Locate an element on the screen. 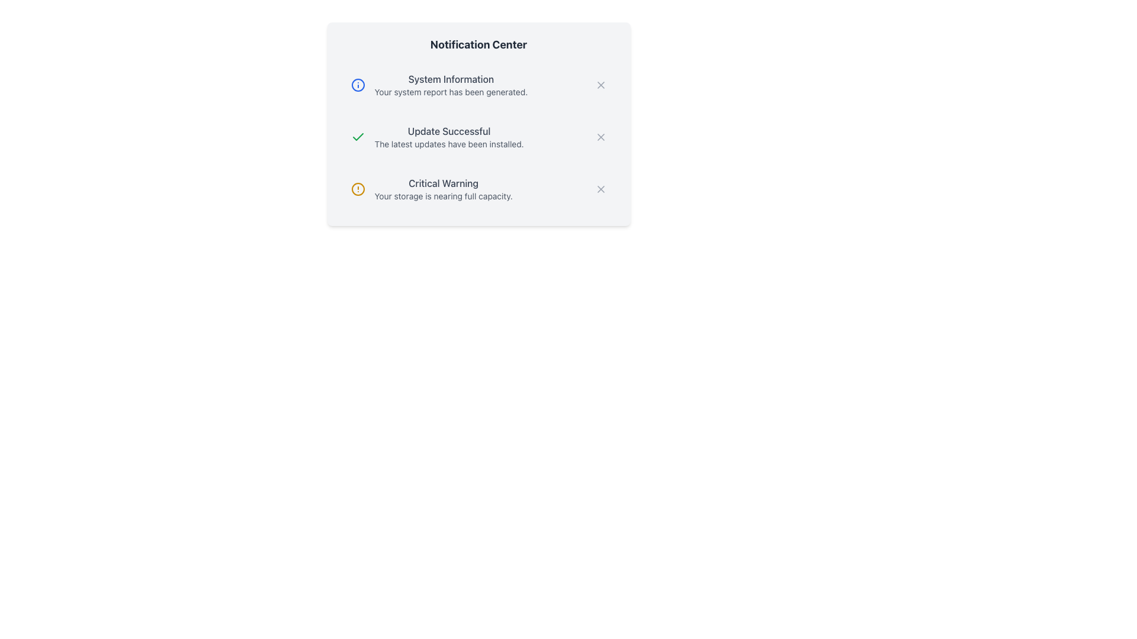  the text label displaying 'System Information' in medium gray font, which is centrally aligned within the Notification Center panel and positioned above the text 'Your system report has been generated.' is located at coordinates (450, 79).